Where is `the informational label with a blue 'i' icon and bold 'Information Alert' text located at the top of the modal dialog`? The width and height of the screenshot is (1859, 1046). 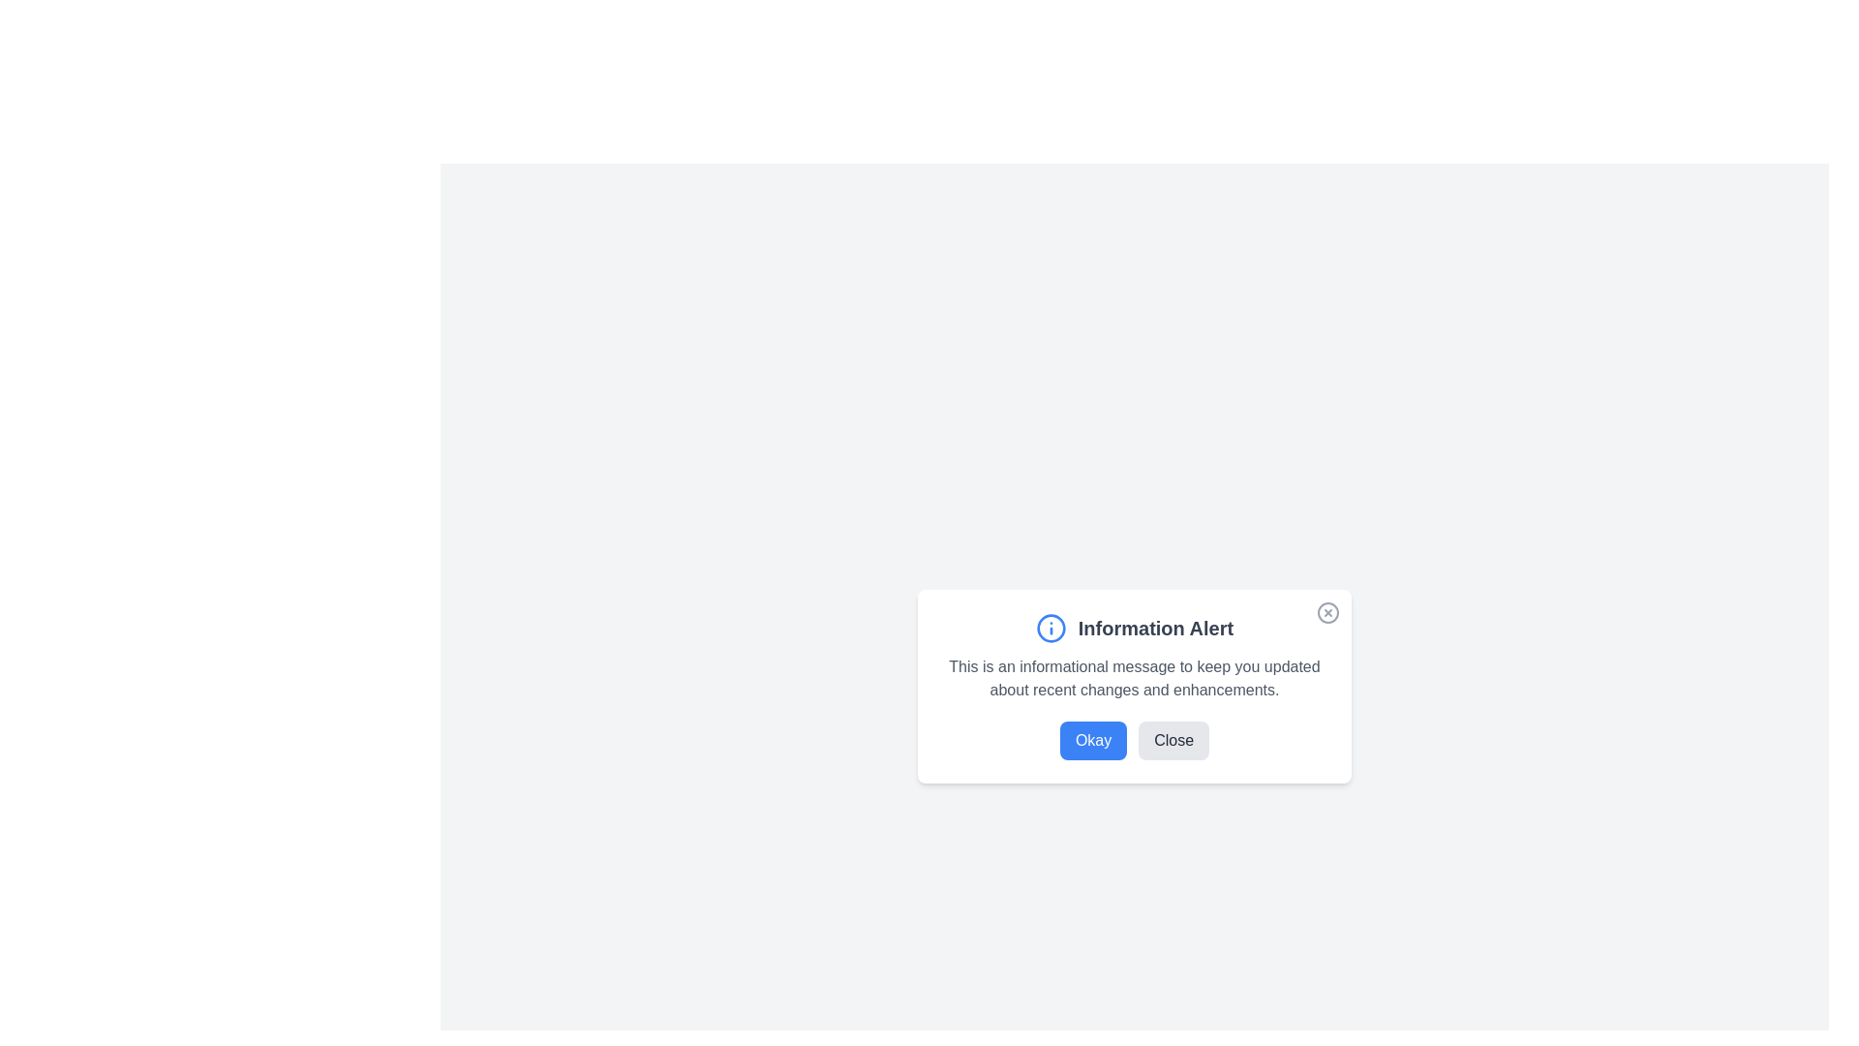
the informational label with a blue 'i' icon and bold 'Information Alert' text located at the top of the modal dialog is located at coordinates (1134, 628).